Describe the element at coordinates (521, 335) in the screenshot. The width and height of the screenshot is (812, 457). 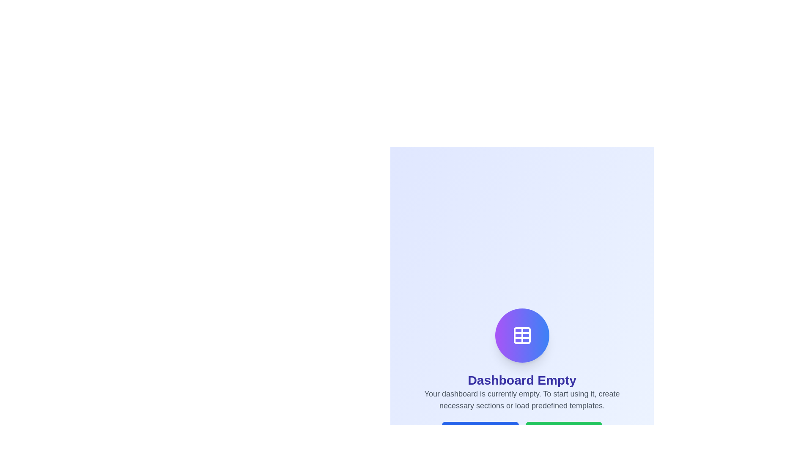
I see `the decorative icon representing a table or grid layout, which is positioned above the 'Dashboard Empty' heading and centrally aligned with the text below it` at that location.